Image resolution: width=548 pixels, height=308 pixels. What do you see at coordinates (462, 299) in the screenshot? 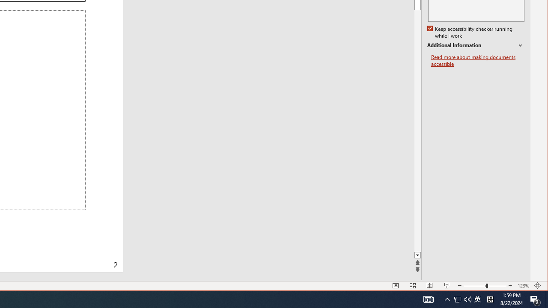
I see `'User Promoted Notification Area'` at bounding box center [462, 299].